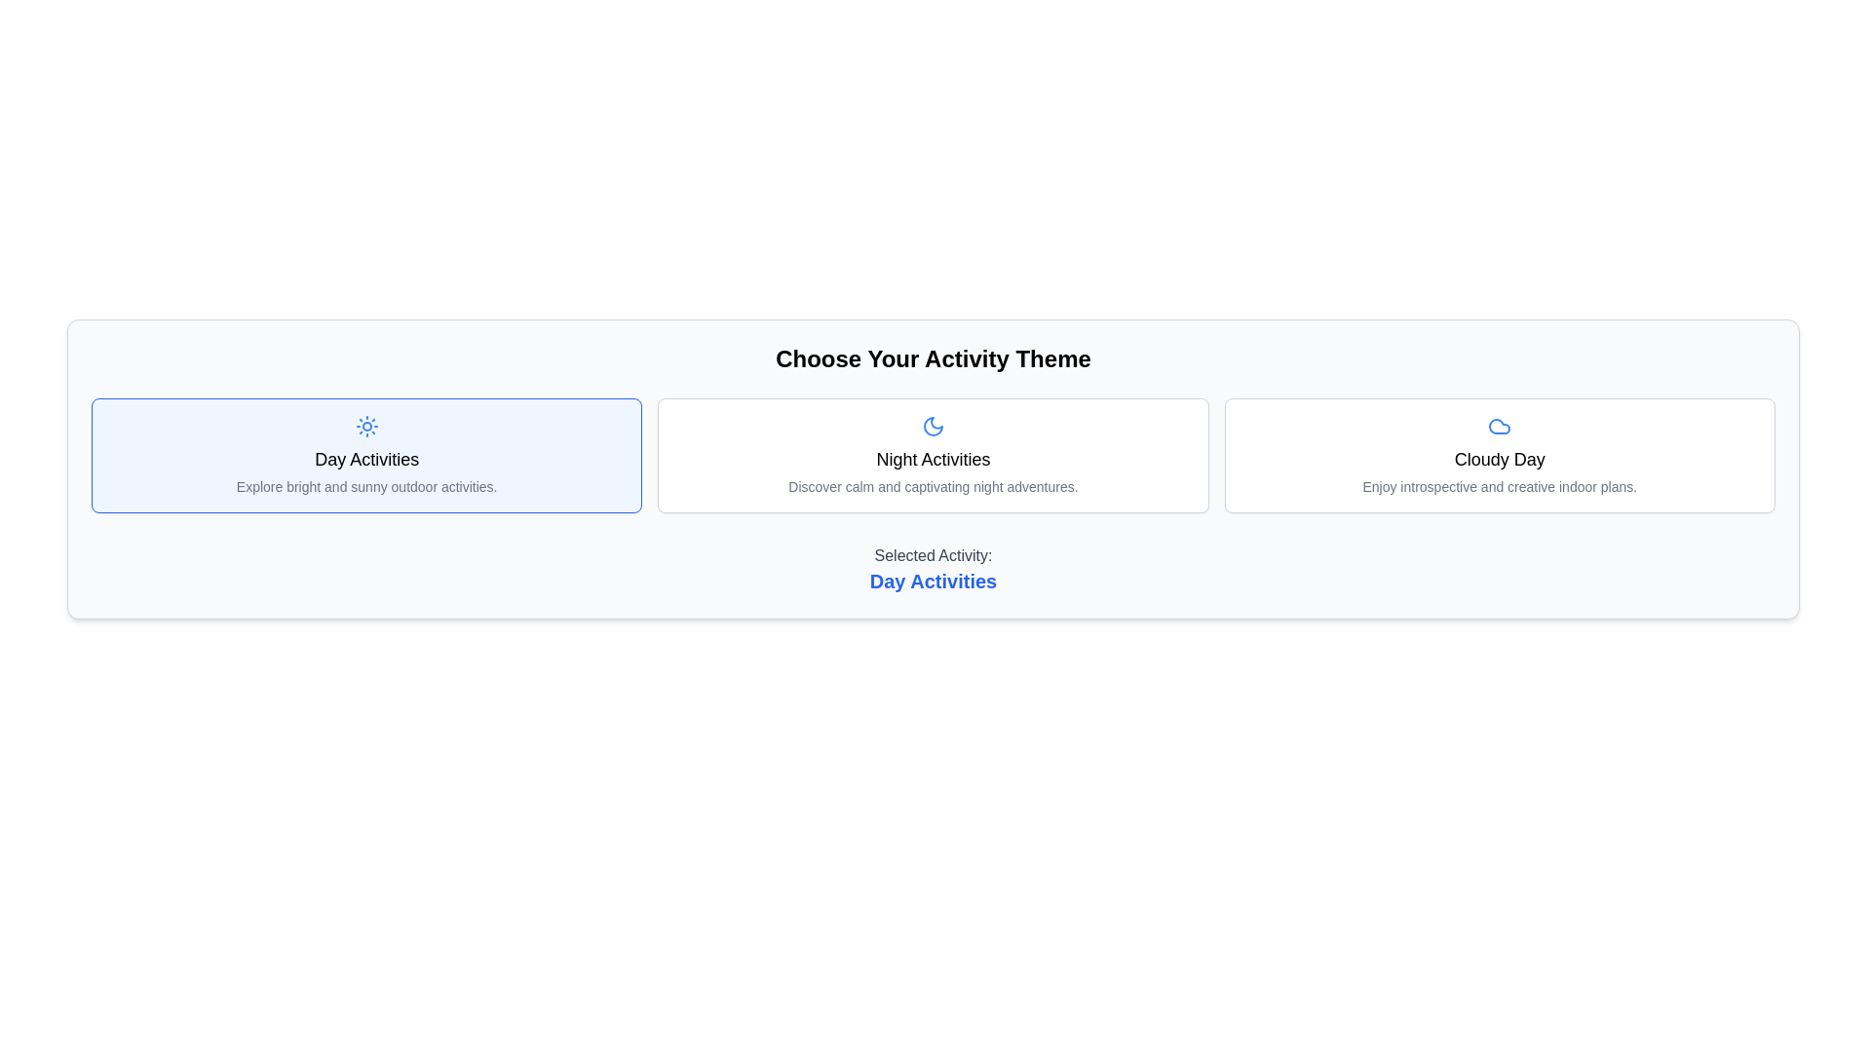 This screenshot has height=1052, width=1871. Describe the element at coordinates (366, 426) in the screenshot. I see `the blue sun icon located within the 'Day Activities' card, which has a light blue background and rounded border, positioned above the text 'Day Activities' and 'Explore bright and sunny outdoor activities.'` at that location.